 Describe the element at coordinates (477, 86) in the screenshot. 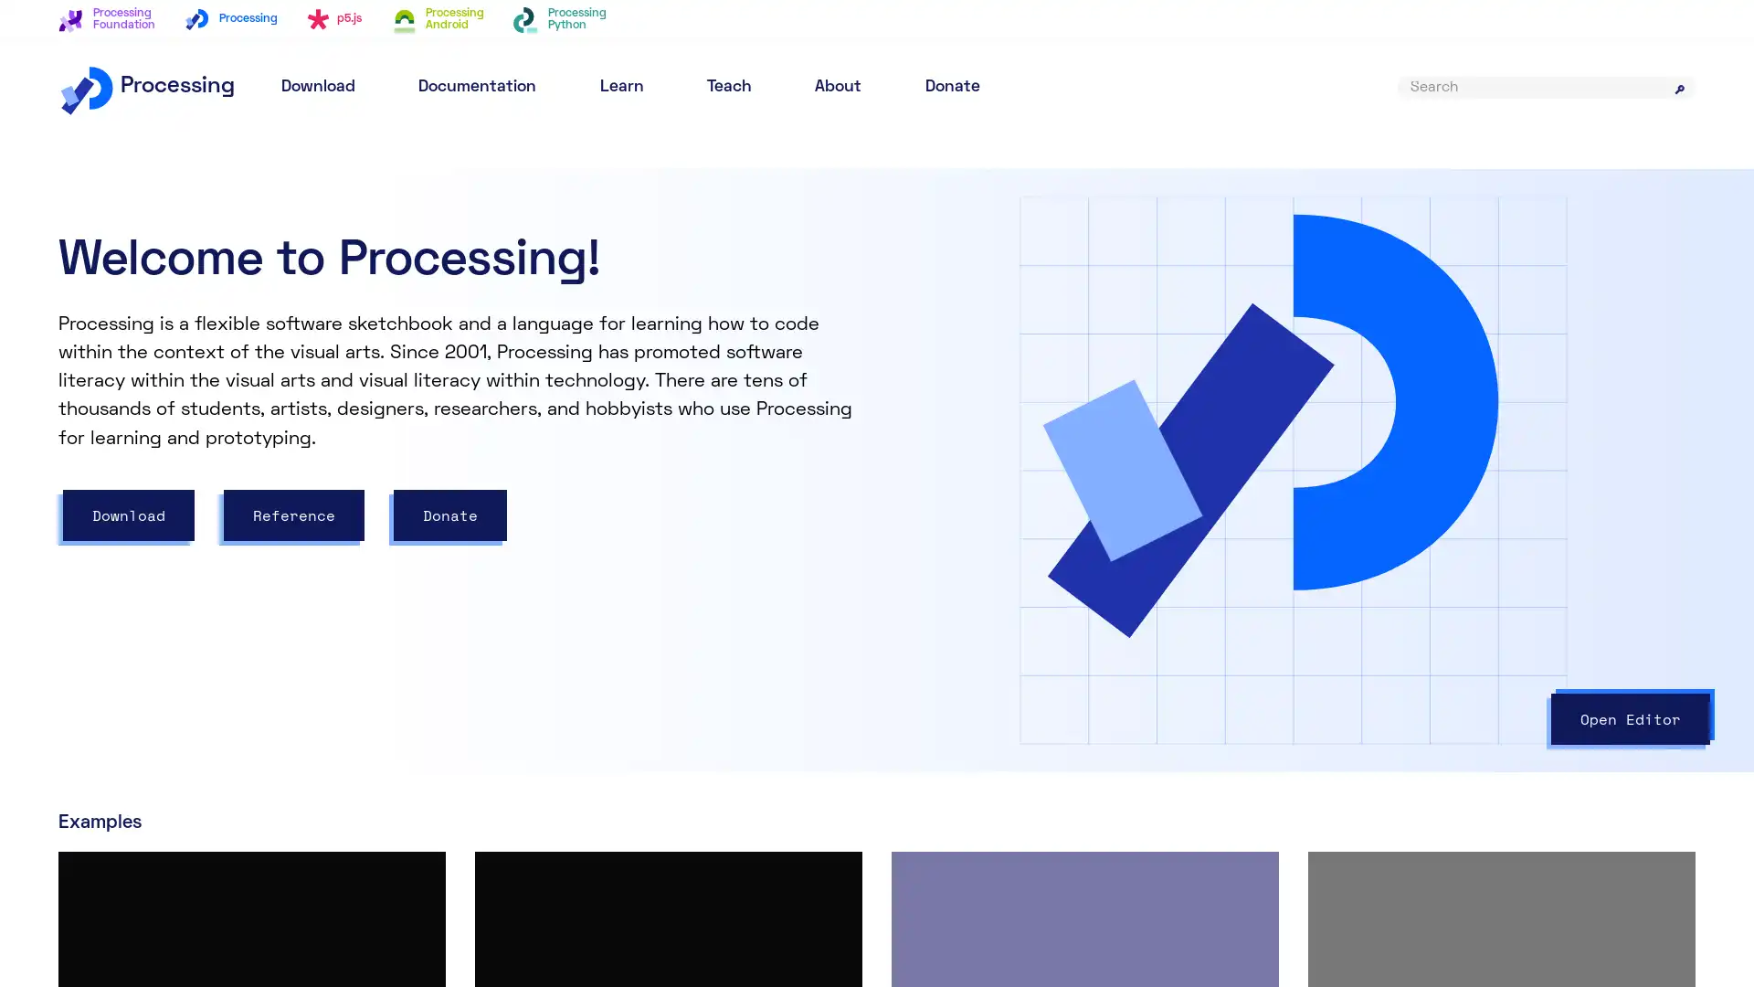

I see `Documentation` at that location.